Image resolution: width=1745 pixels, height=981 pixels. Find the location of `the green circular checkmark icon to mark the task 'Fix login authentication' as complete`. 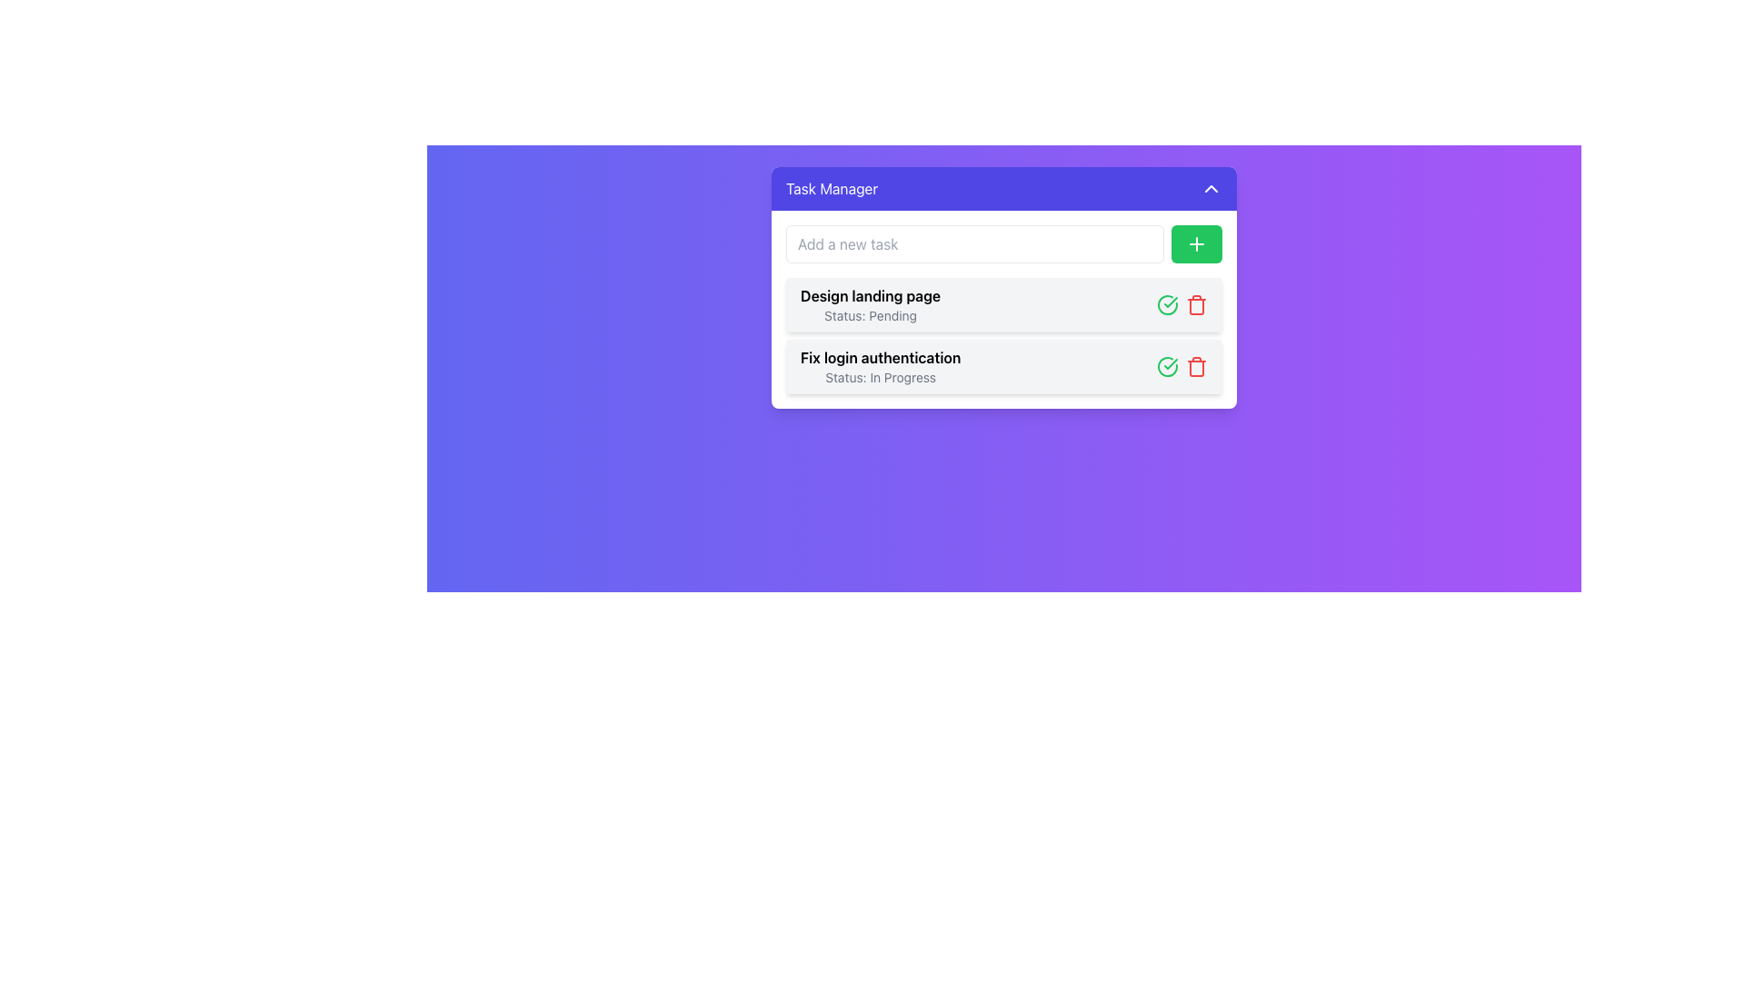

the green circular checkmark icon to mark the task 'Fix login authentication' as complete is located at coordinates (1168, 303).